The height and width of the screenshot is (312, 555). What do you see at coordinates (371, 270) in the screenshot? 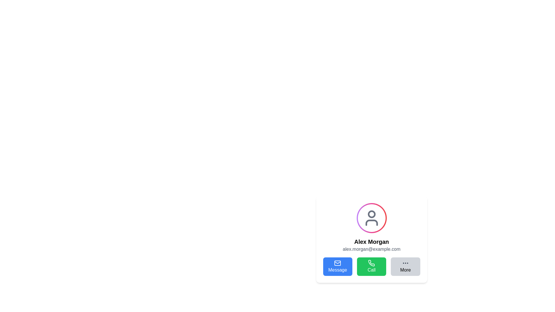
I see `the 'Call' text label inside the green button, which is centrally located in the bottom row of buttons and features a phone icon above it` at bounding box center [371, 270].